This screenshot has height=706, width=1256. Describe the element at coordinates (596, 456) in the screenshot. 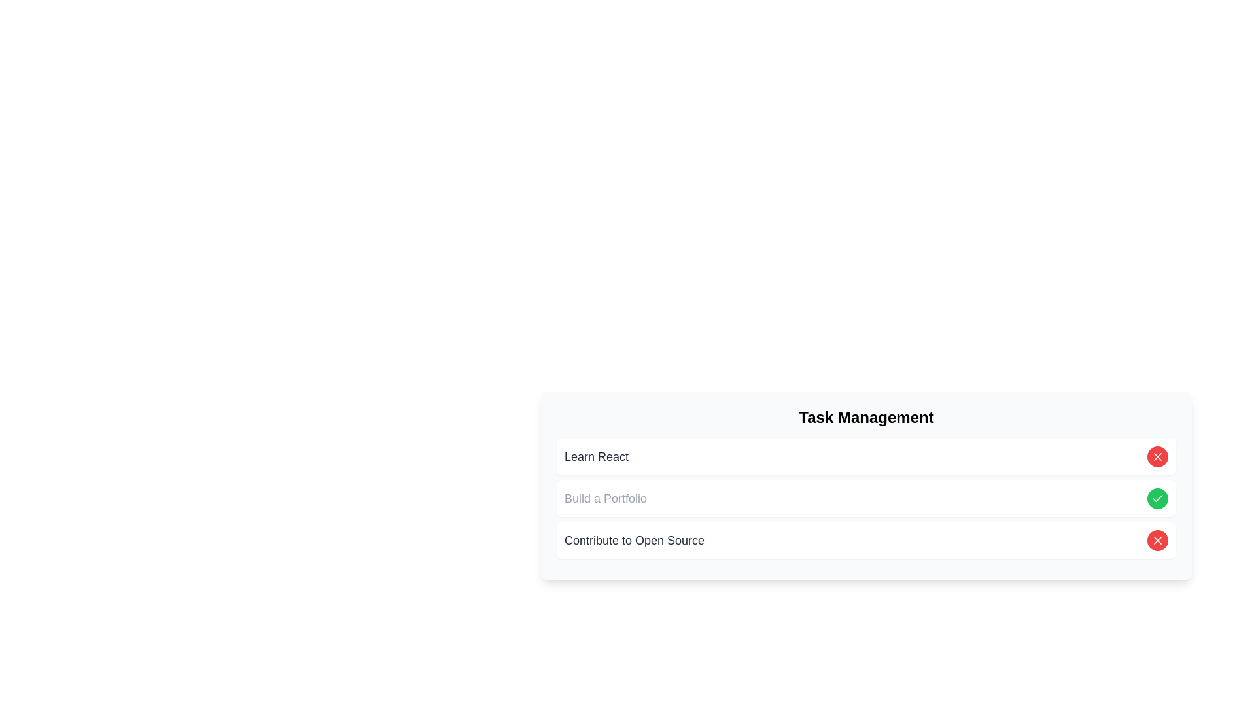

I see `the 'Learn React' text label, which is displayed in bold, larger font style and dark gray color, part of the 'Task Management' section` at that location.